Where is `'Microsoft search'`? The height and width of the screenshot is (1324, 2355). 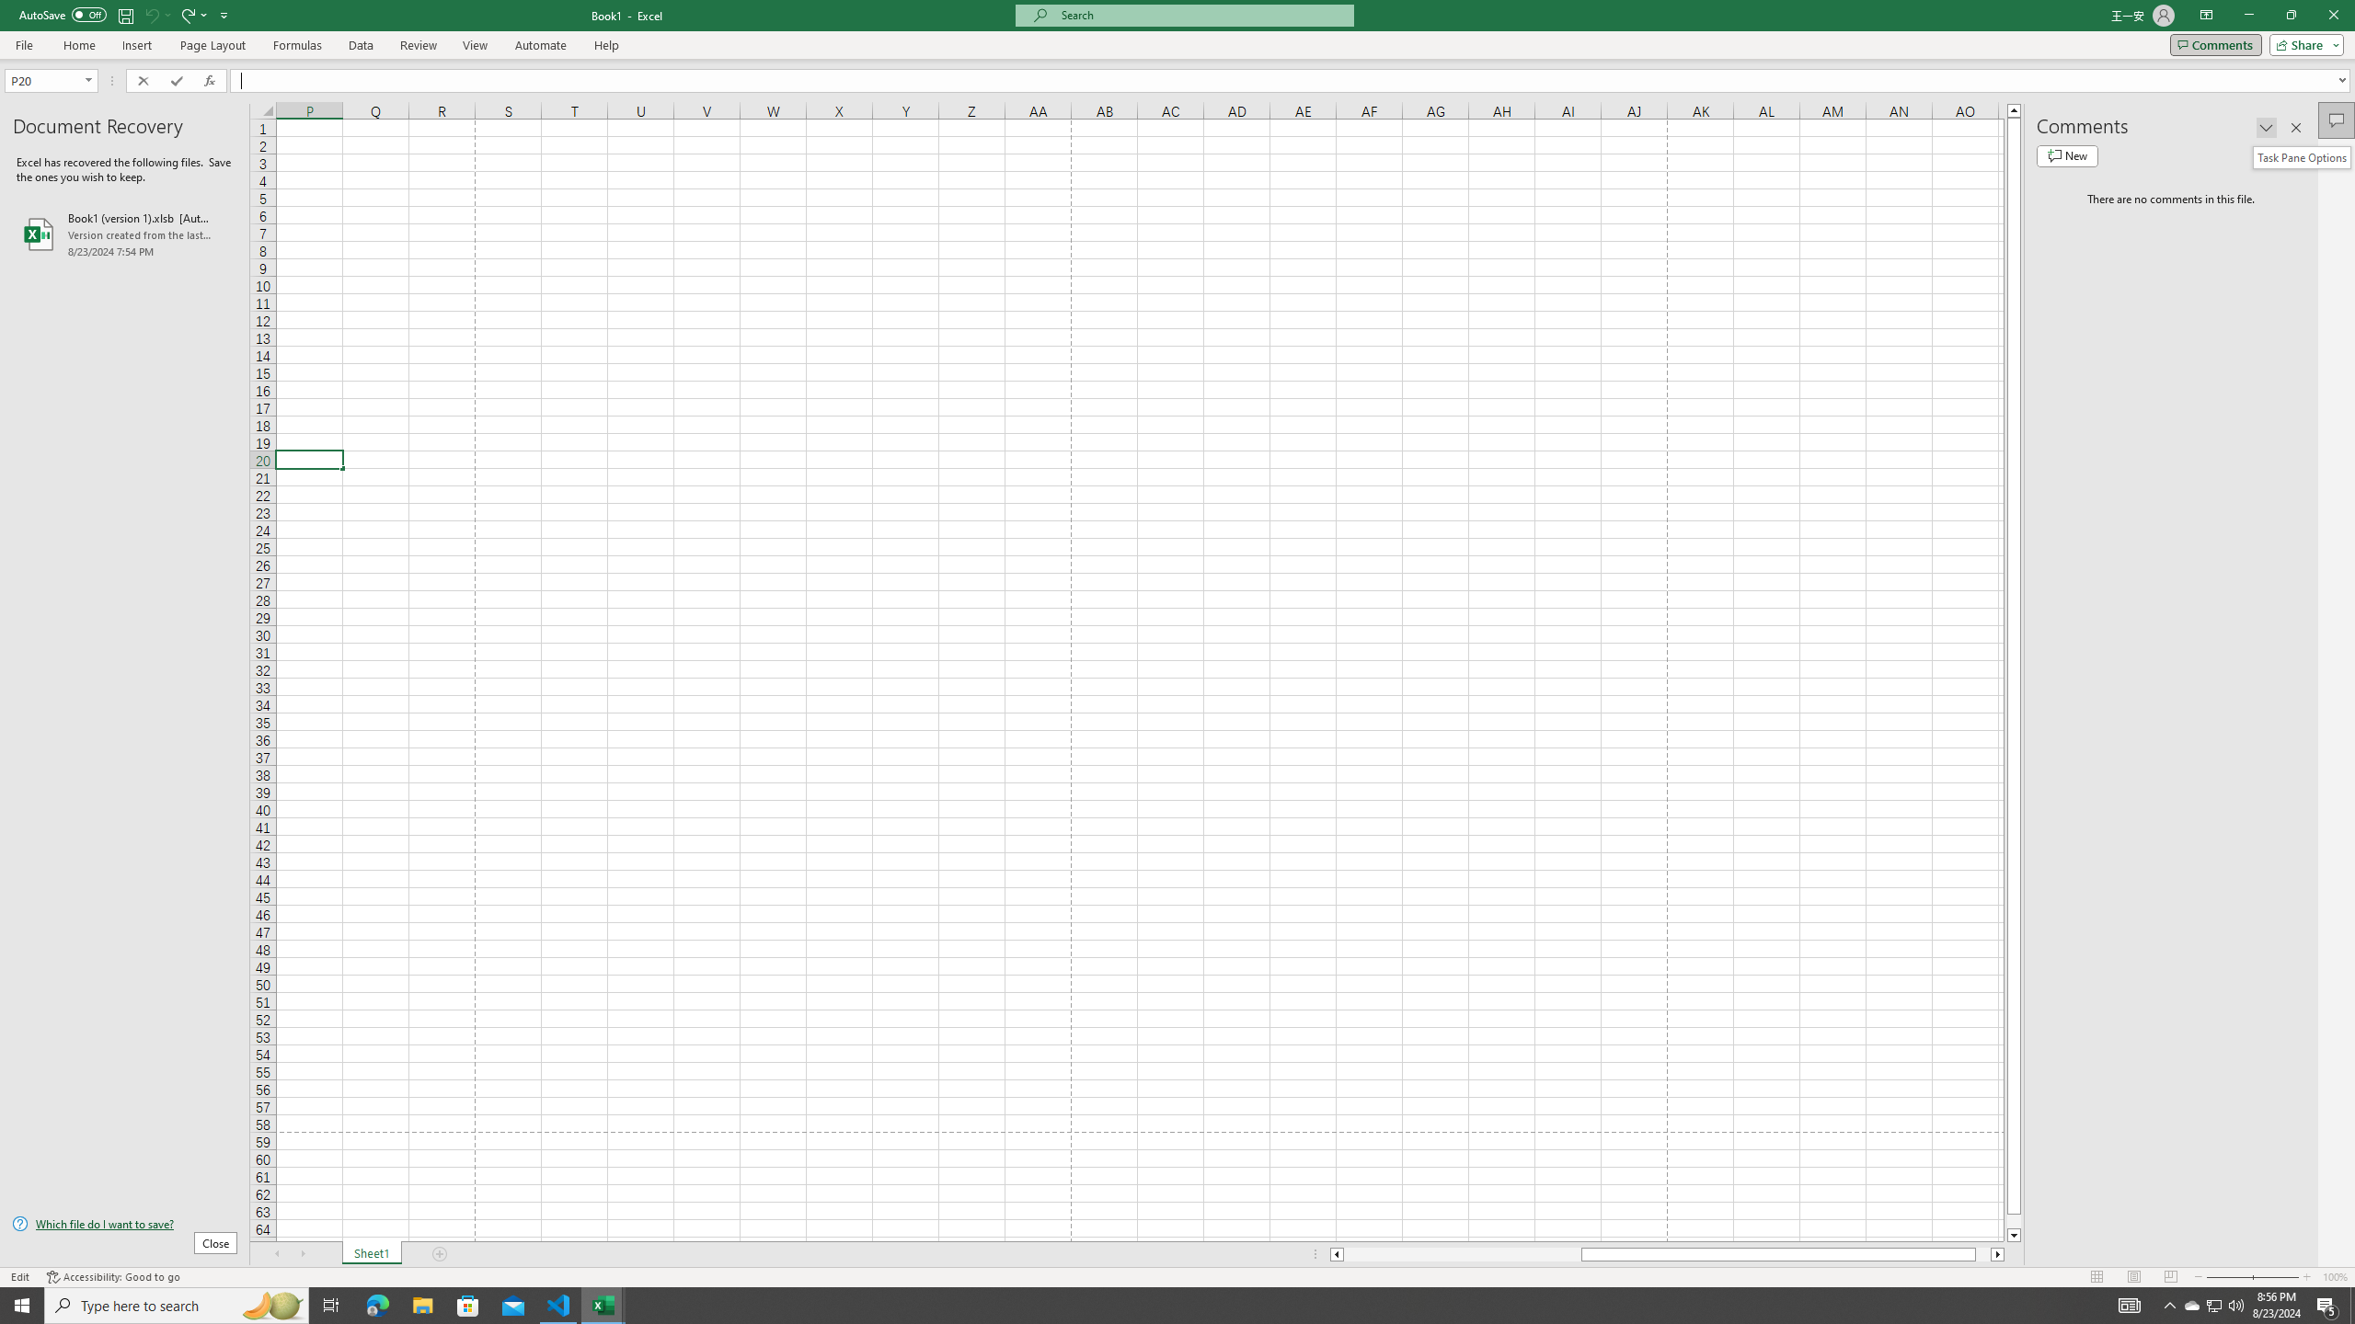
'Microsoft search' is located at coordinates (1200, 15).